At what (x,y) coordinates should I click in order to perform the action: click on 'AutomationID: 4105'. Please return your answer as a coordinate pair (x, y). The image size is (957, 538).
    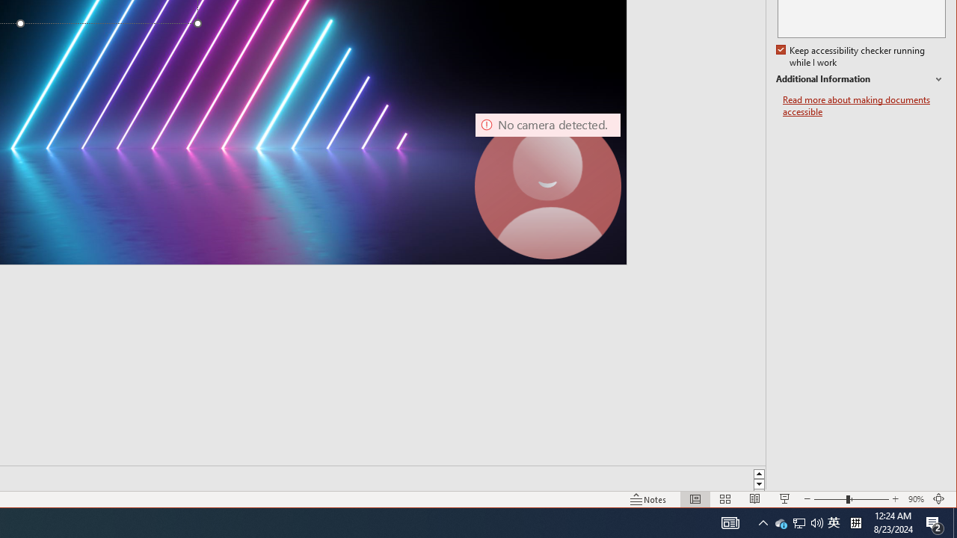
    Looking at the image, I should click on (730, 522).